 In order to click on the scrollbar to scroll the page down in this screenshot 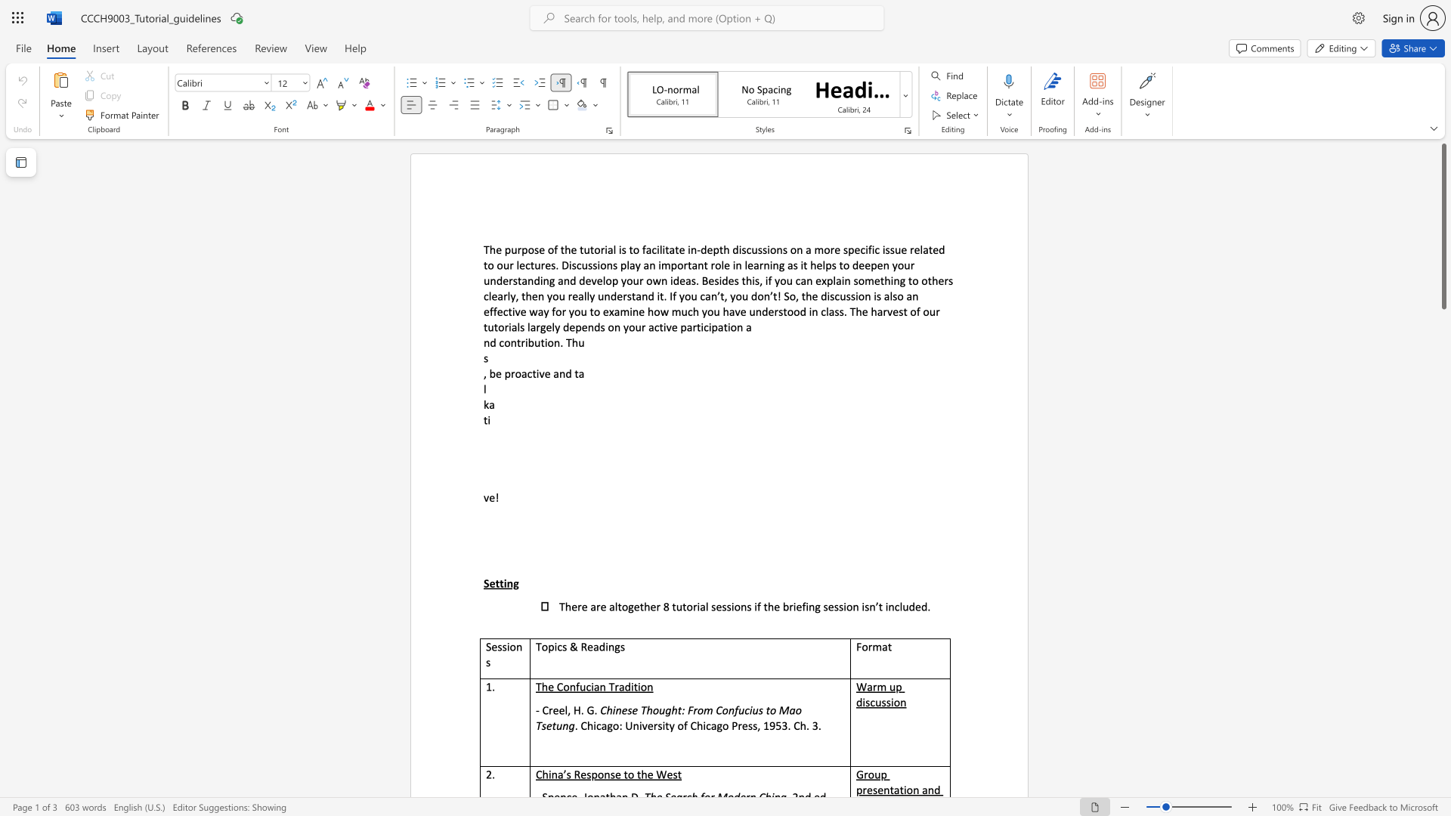, I will do `click(1443, 408)`.